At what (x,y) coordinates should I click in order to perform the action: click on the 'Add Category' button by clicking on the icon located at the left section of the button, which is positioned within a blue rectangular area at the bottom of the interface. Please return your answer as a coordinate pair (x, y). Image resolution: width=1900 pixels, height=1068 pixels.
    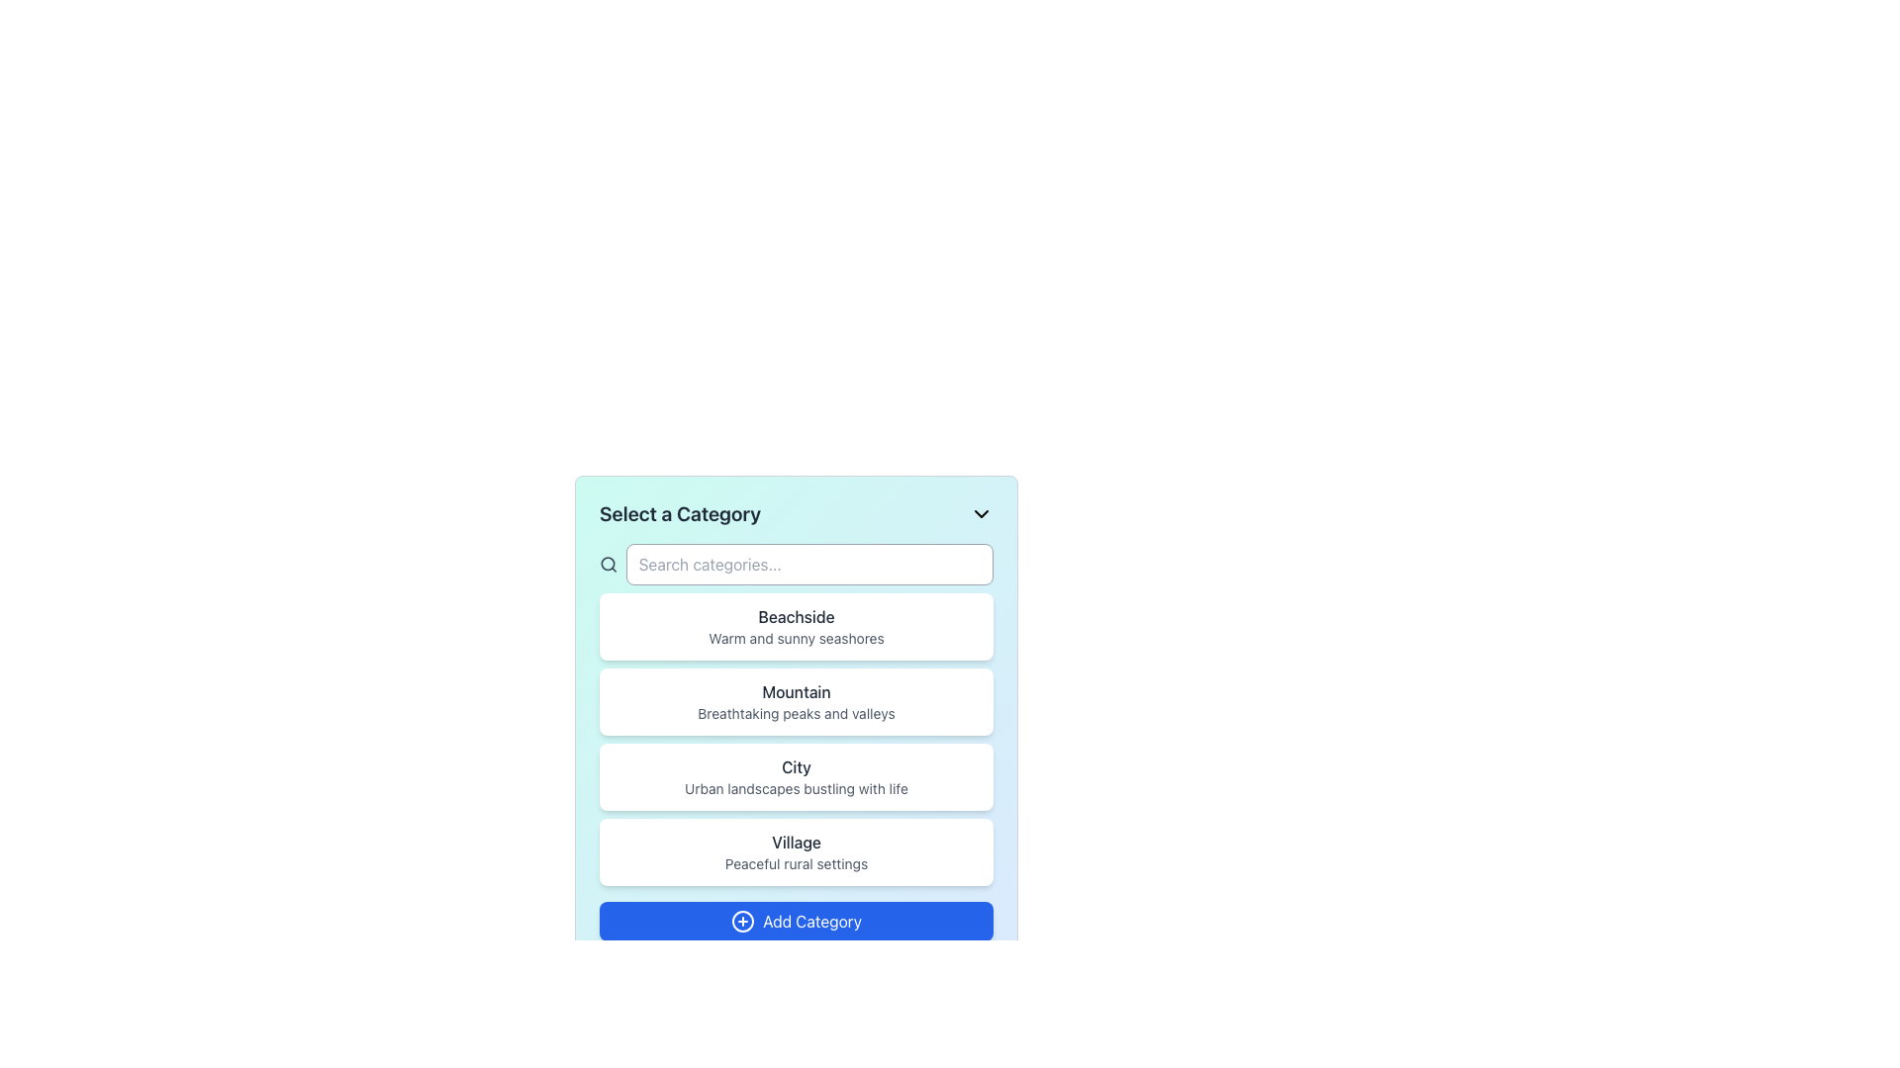
    Looking at the image, I should click on (742, 922).